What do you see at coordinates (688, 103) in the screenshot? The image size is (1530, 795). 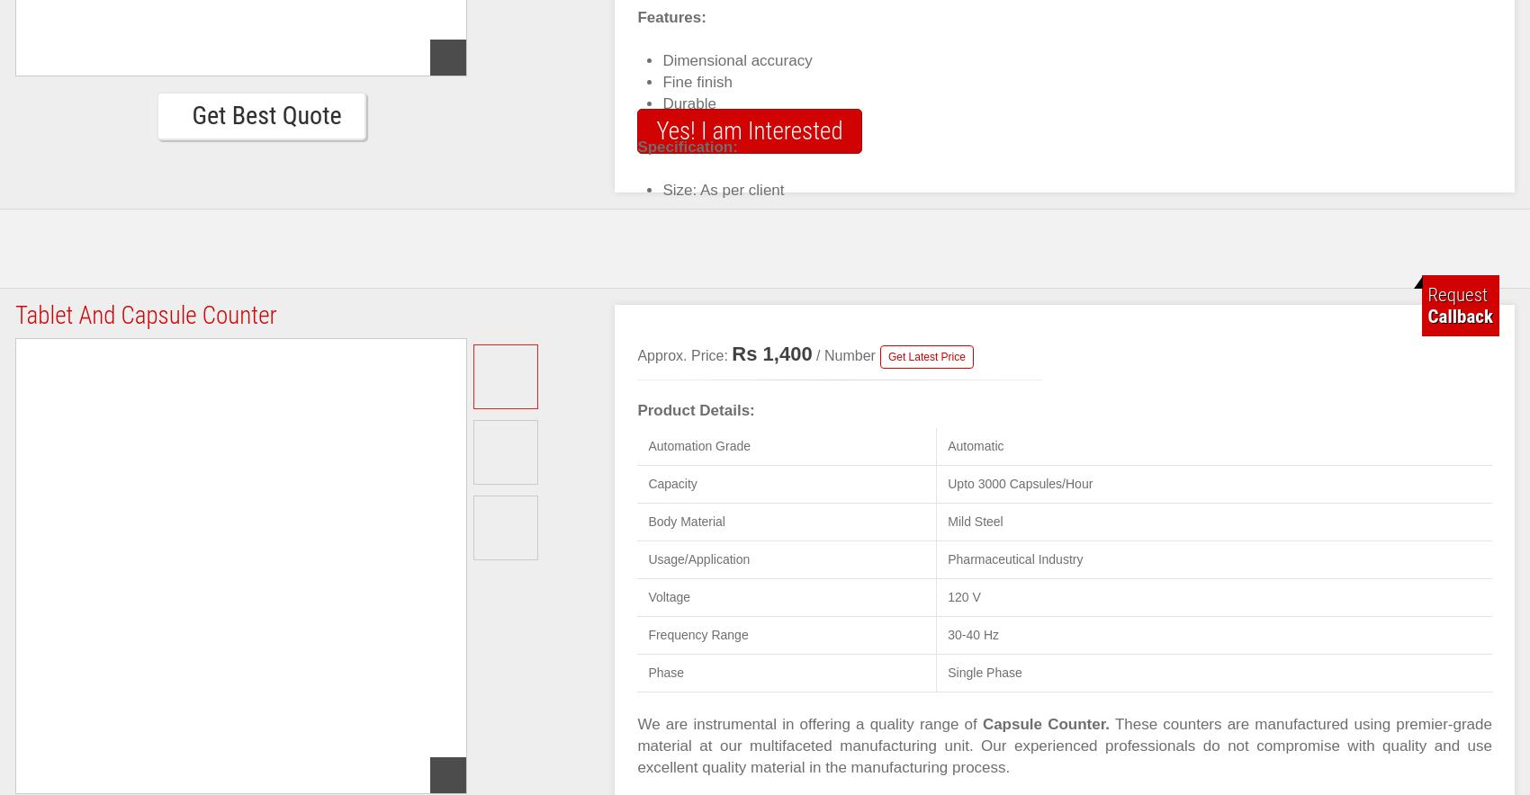 I see `'Durable'` at bounding box center [688, 103].